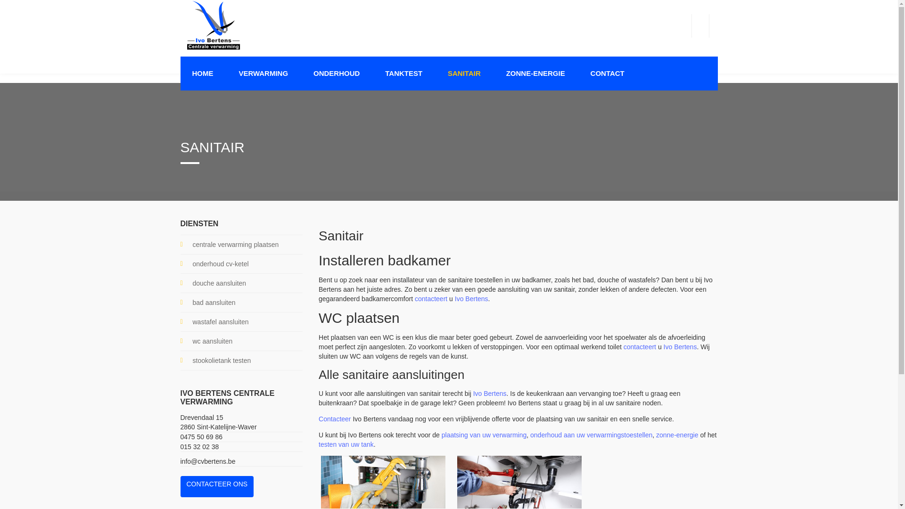  Describe the element at coordinates (216, 486) in the screenshot. I see `'CONTACTEER ONS'` at that location.